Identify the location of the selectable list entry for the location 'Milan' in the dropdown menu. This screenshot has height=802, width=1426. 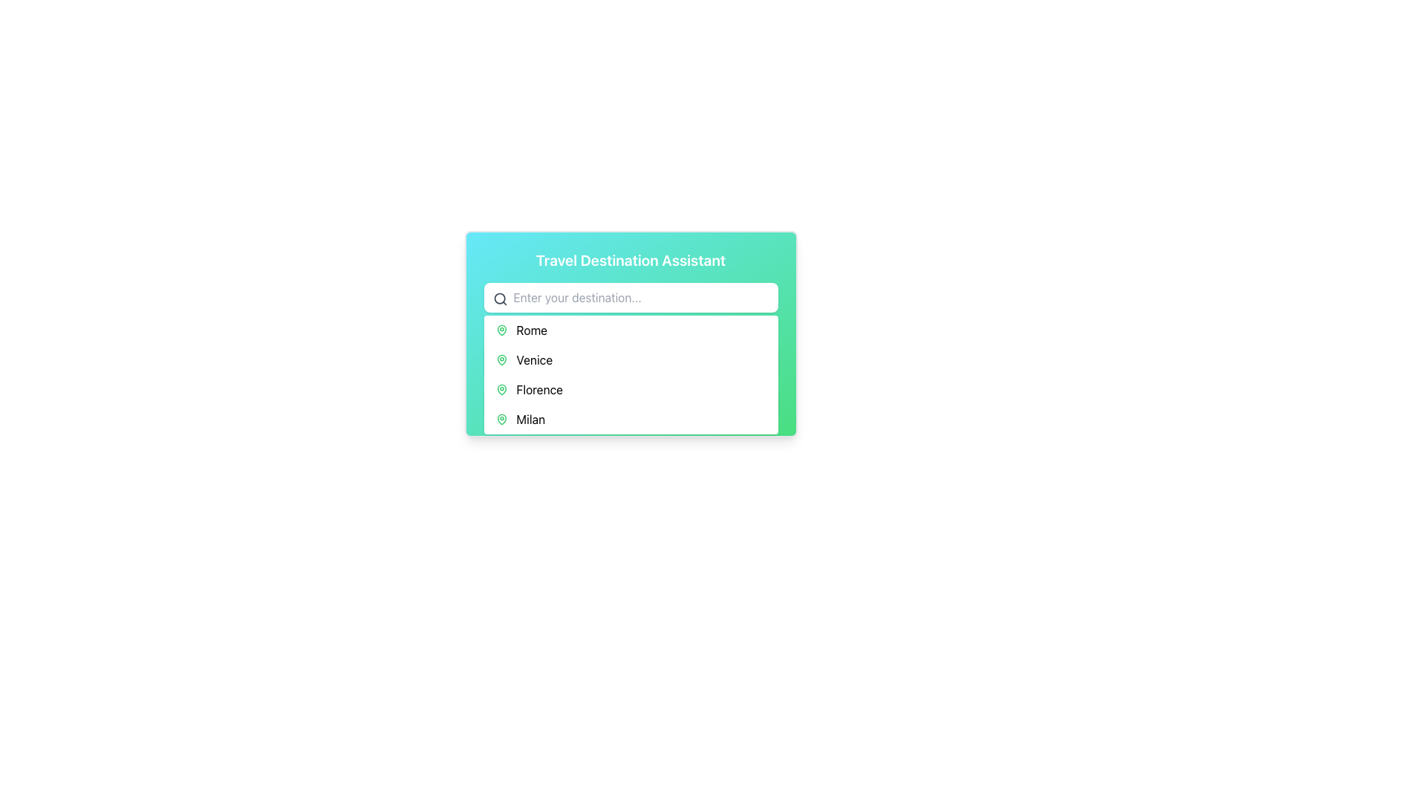
(631, 419).